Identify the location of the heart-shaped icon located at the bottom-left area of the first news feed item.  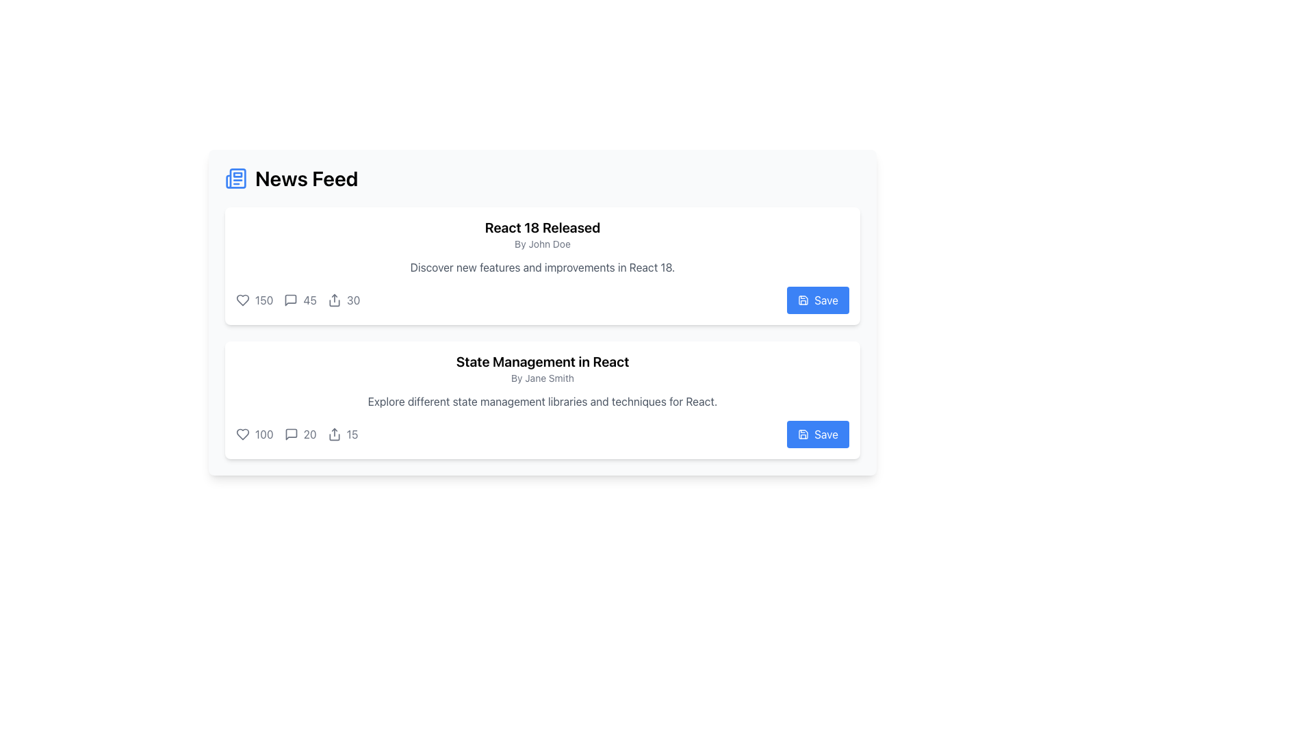
(243, 300).